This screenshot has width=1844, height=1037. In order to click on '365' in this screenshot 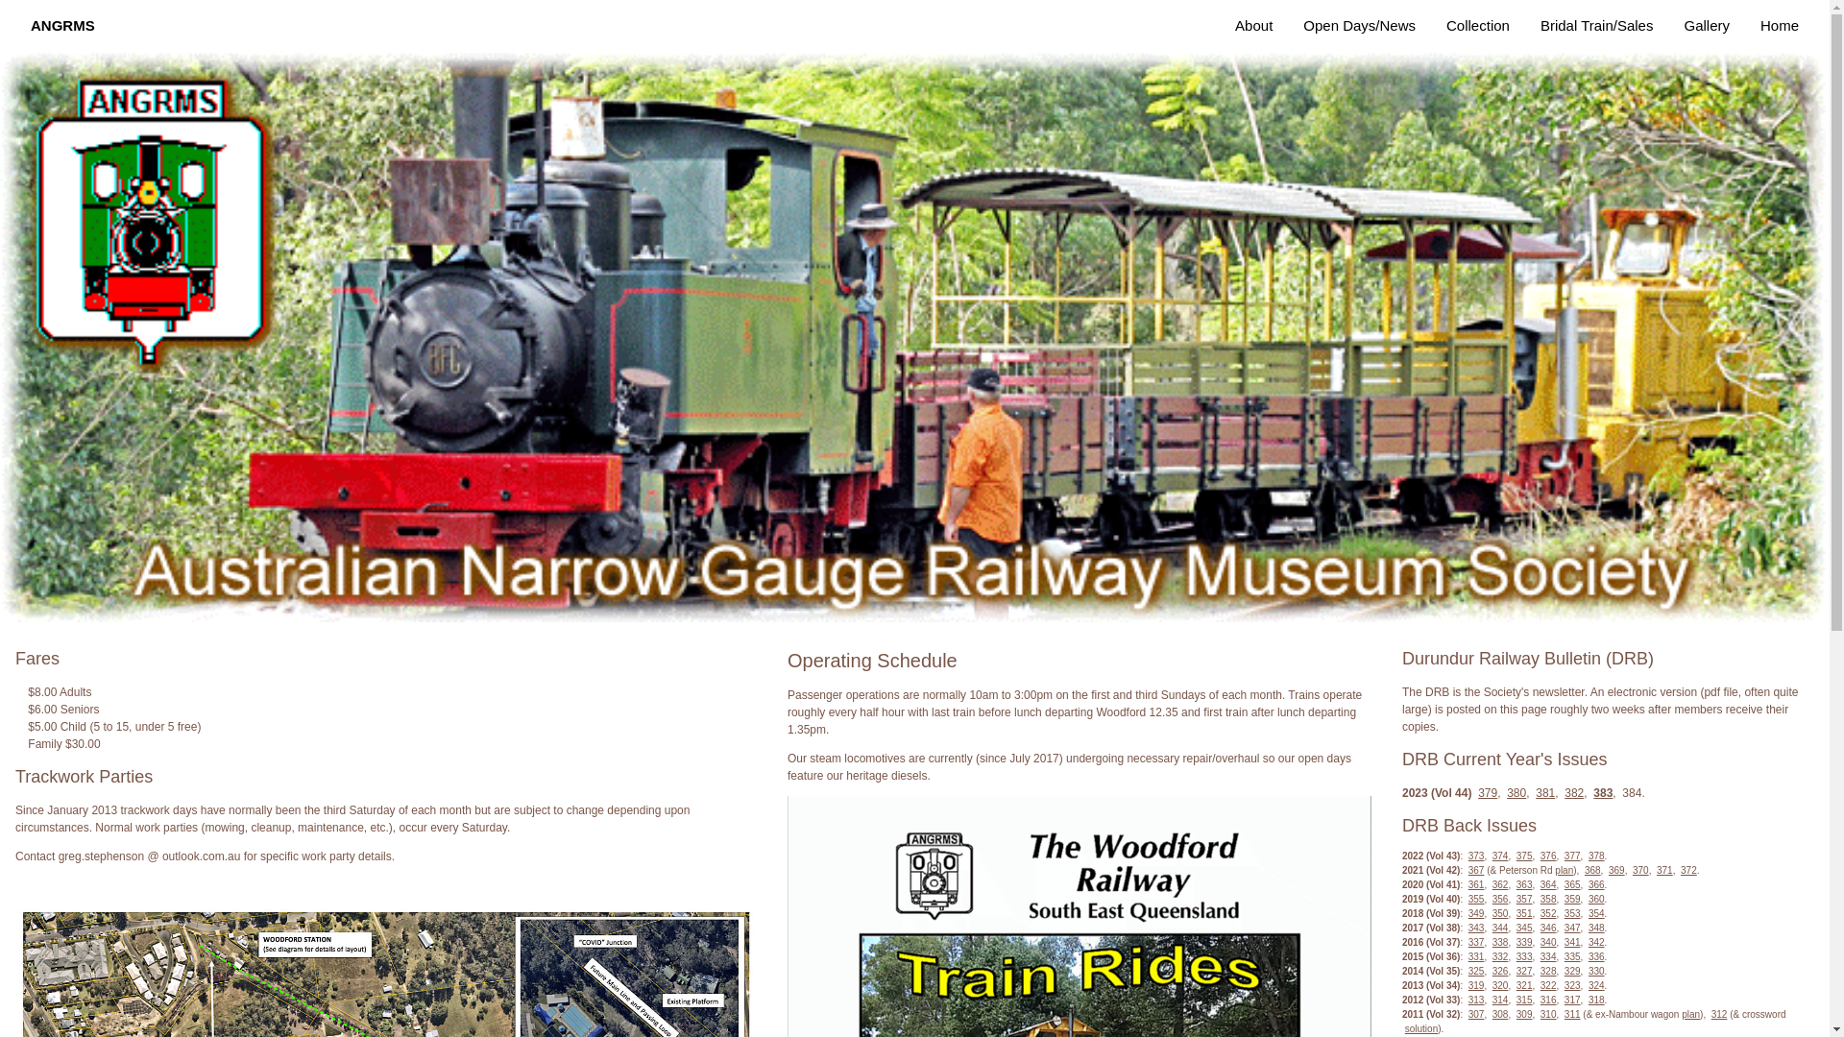, I will do `click(1572, 884)`.